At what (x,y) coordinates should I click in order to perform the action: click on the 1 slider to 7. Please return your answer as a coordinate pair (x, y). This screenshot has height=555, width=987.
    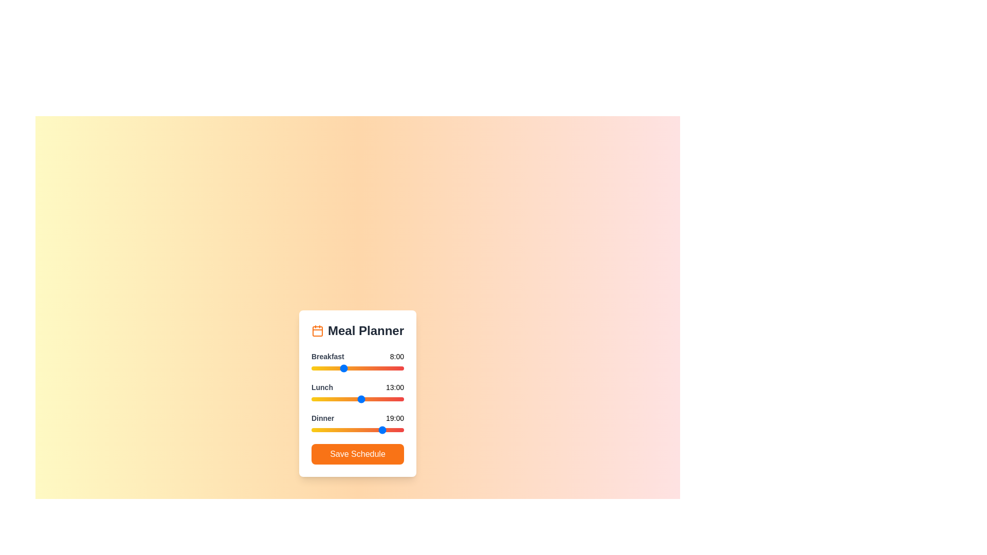
    Looking at the image, I should click on (338, 398).